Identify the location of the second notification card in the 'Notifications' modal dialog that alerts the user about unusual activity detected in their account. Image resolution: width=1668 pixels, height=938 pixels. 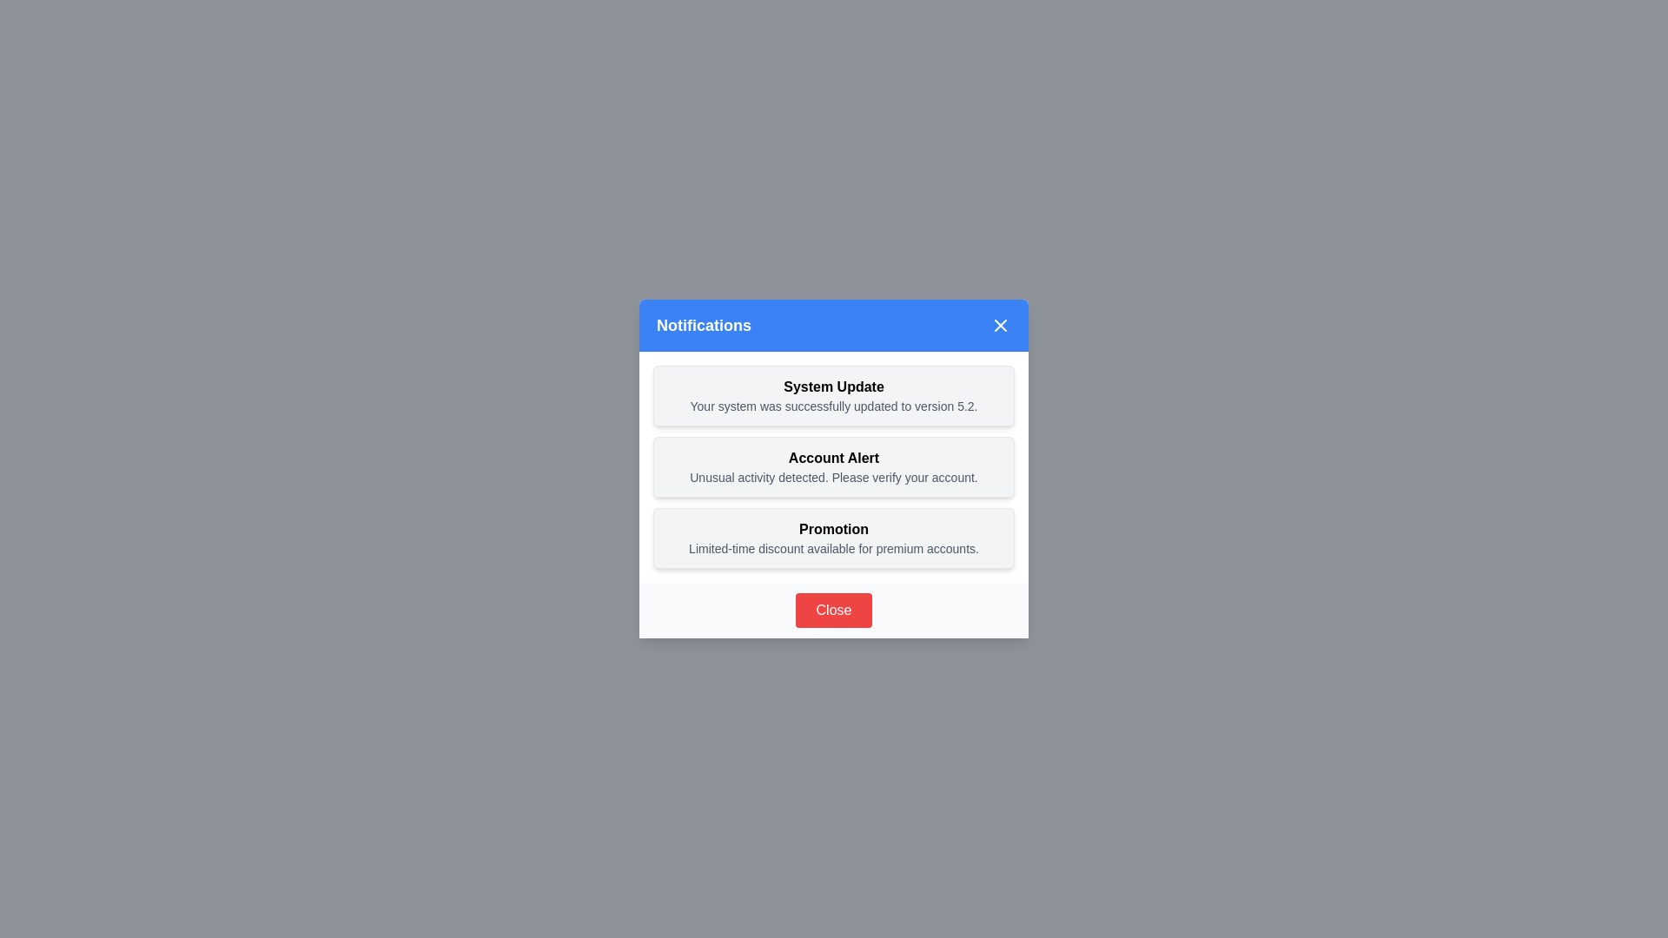
(834, 466).